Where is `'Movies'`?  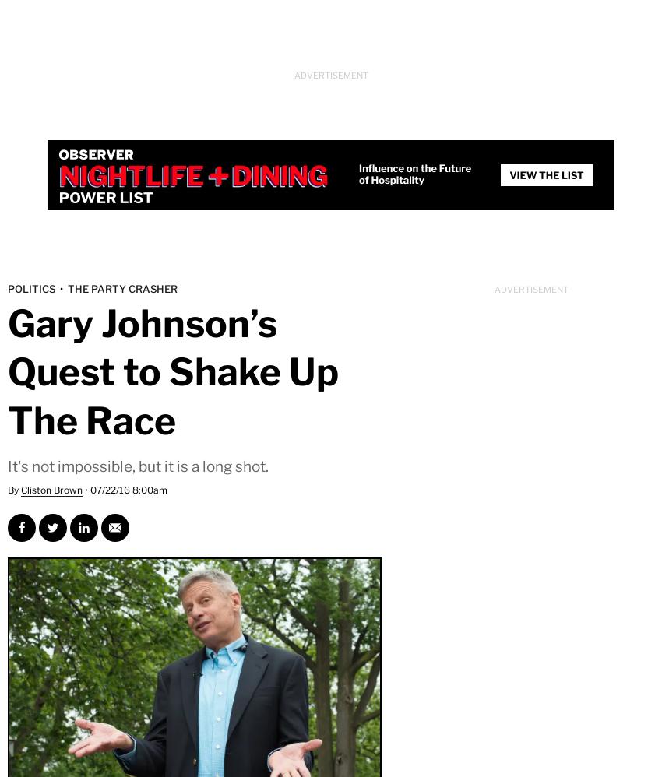
'Movies' is located at coordinates (69, 191).